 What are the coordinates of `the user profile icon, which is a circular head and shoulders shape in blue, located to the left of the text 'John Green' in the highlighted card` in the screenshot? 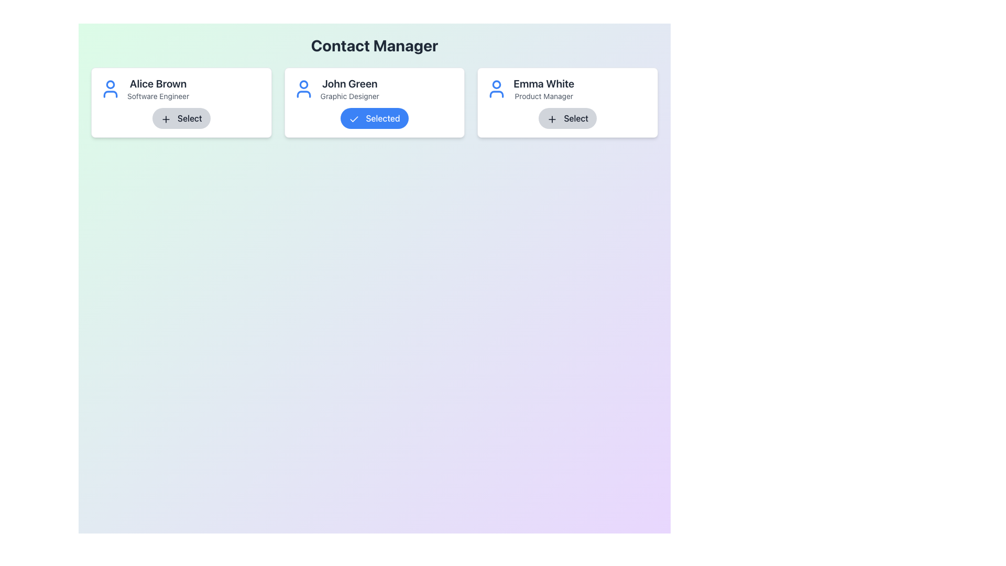 It's located at (303, 88).